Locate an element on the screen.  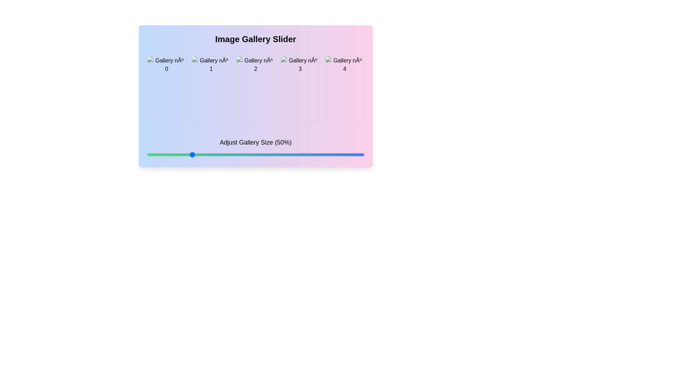
the gallery size slider to 128% is located at coordinates (326, 154).